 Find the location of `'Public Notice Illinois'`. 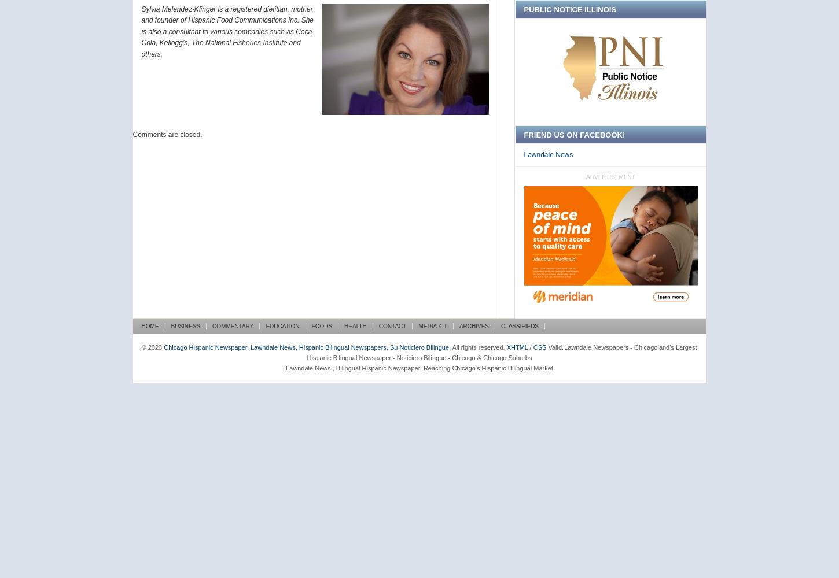

'Public Notice Illinois' is located at coordinates (569, 9).